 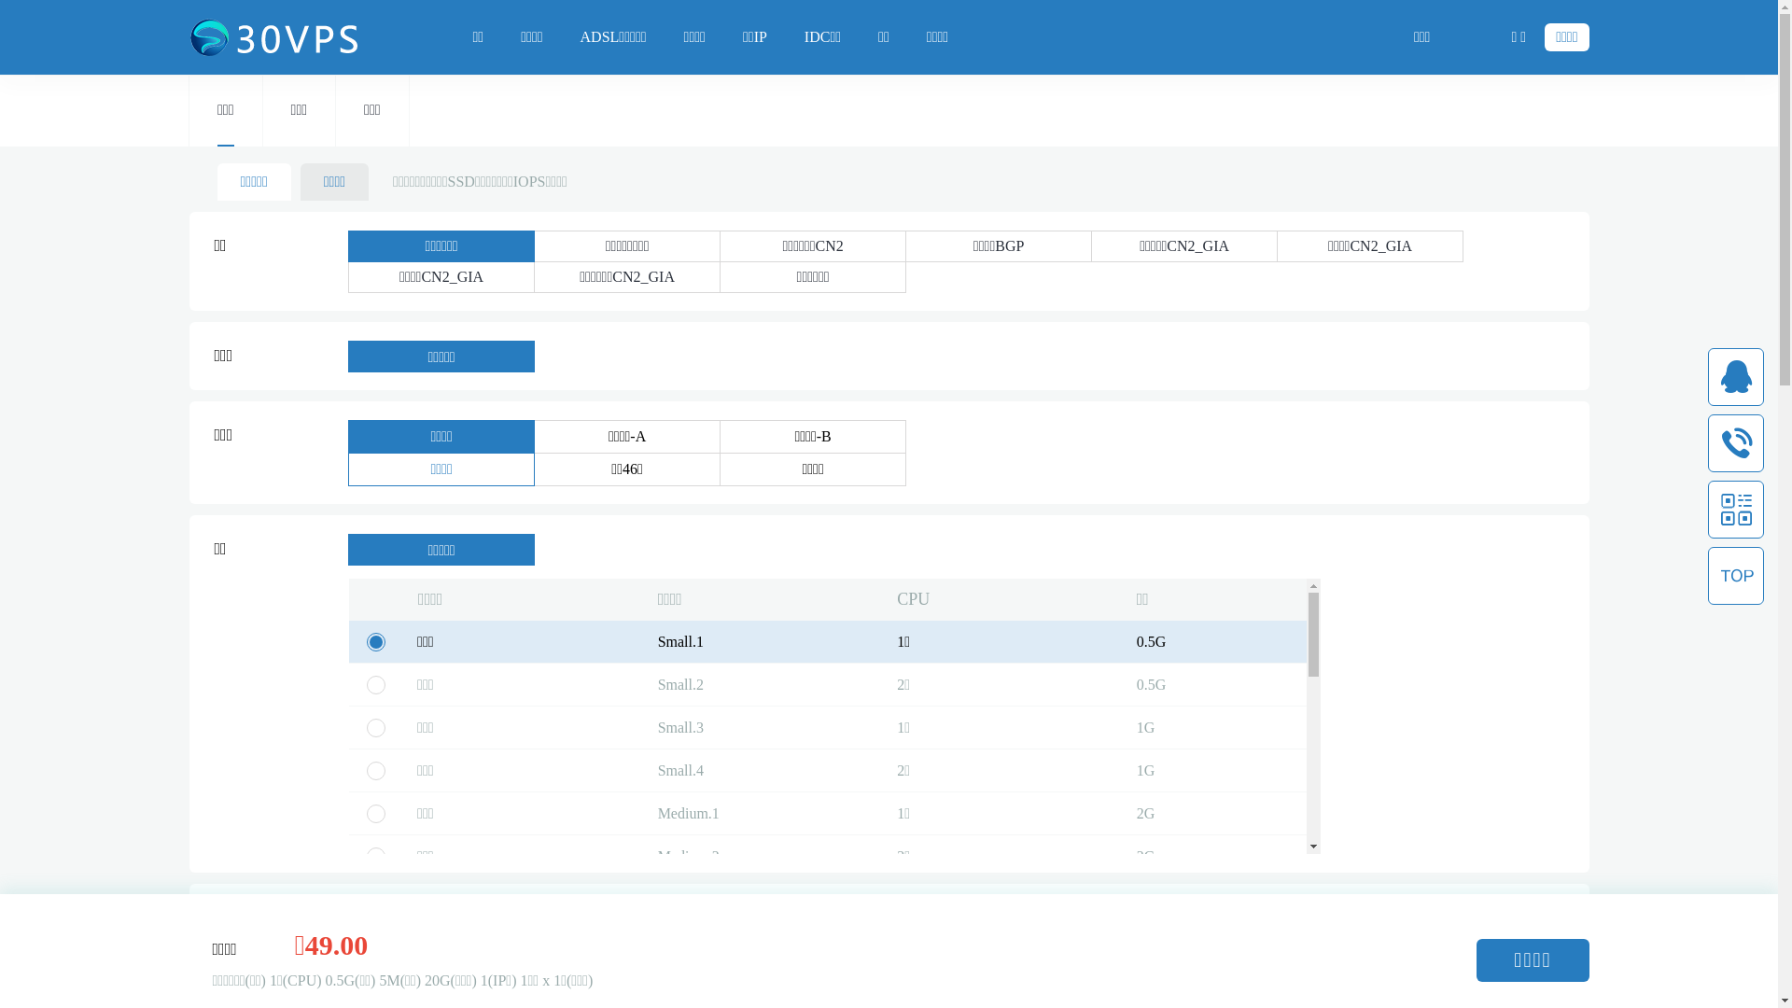 I want to click on '20G', so click(x=423, y=959).